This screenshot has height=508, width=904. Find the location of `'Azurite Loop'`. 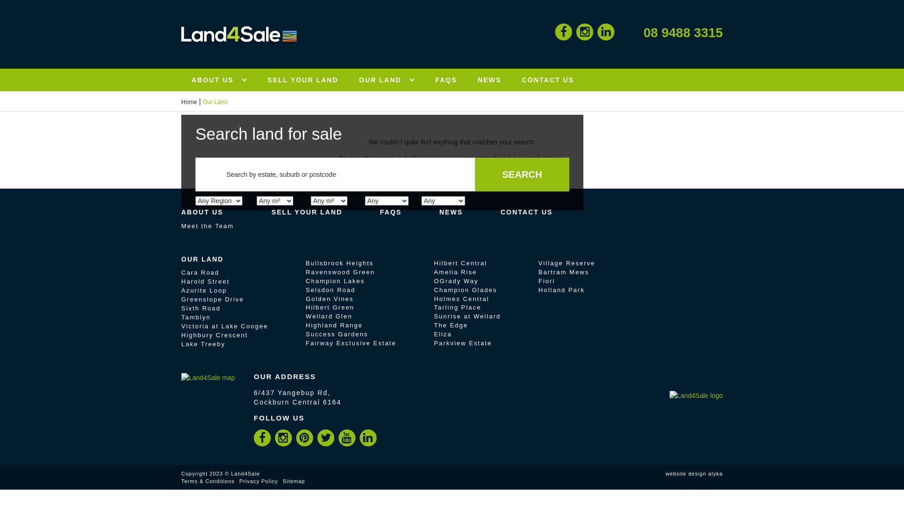

'Azurite Loop' is located at coordinates (203, 290).